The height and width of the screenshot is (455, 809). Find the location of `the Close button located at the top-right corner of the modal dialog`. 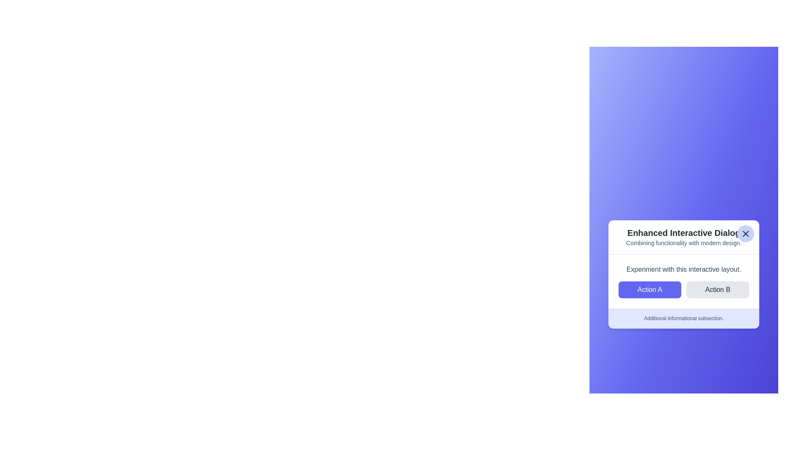

the Close button located at the top-right corner of the modal dialog is located at coordinates (746, 233).